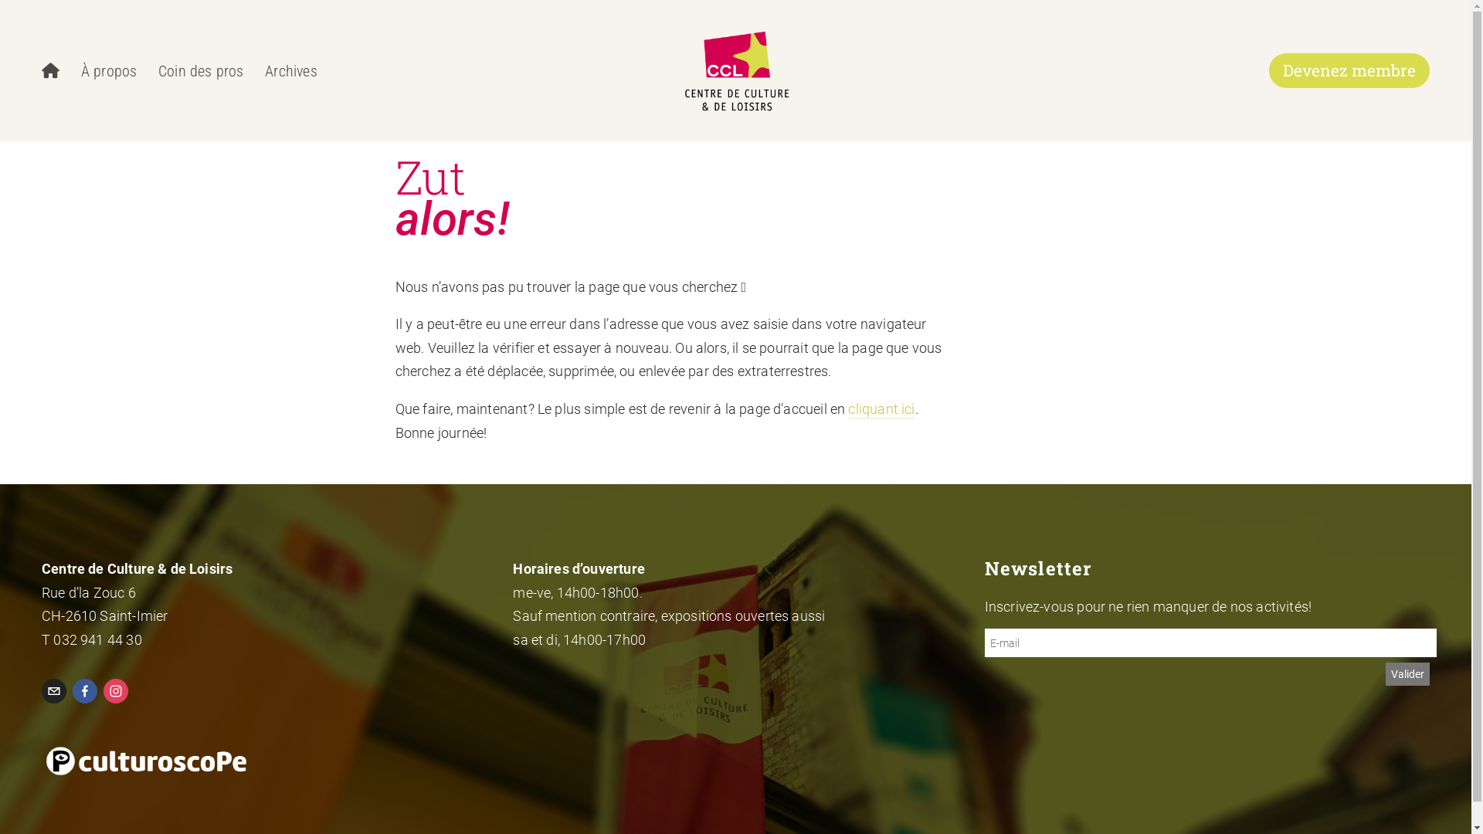  What do you see at coordinates (1407, 673) in the screenshot?
I see `'Valider'` at bounding box center [1407, 673].